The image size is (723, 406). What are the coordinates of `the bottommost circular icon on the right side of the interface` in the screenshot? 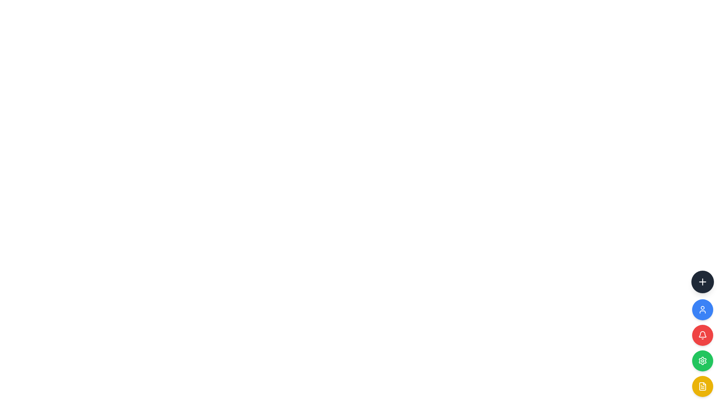 It's located at (702, 386).